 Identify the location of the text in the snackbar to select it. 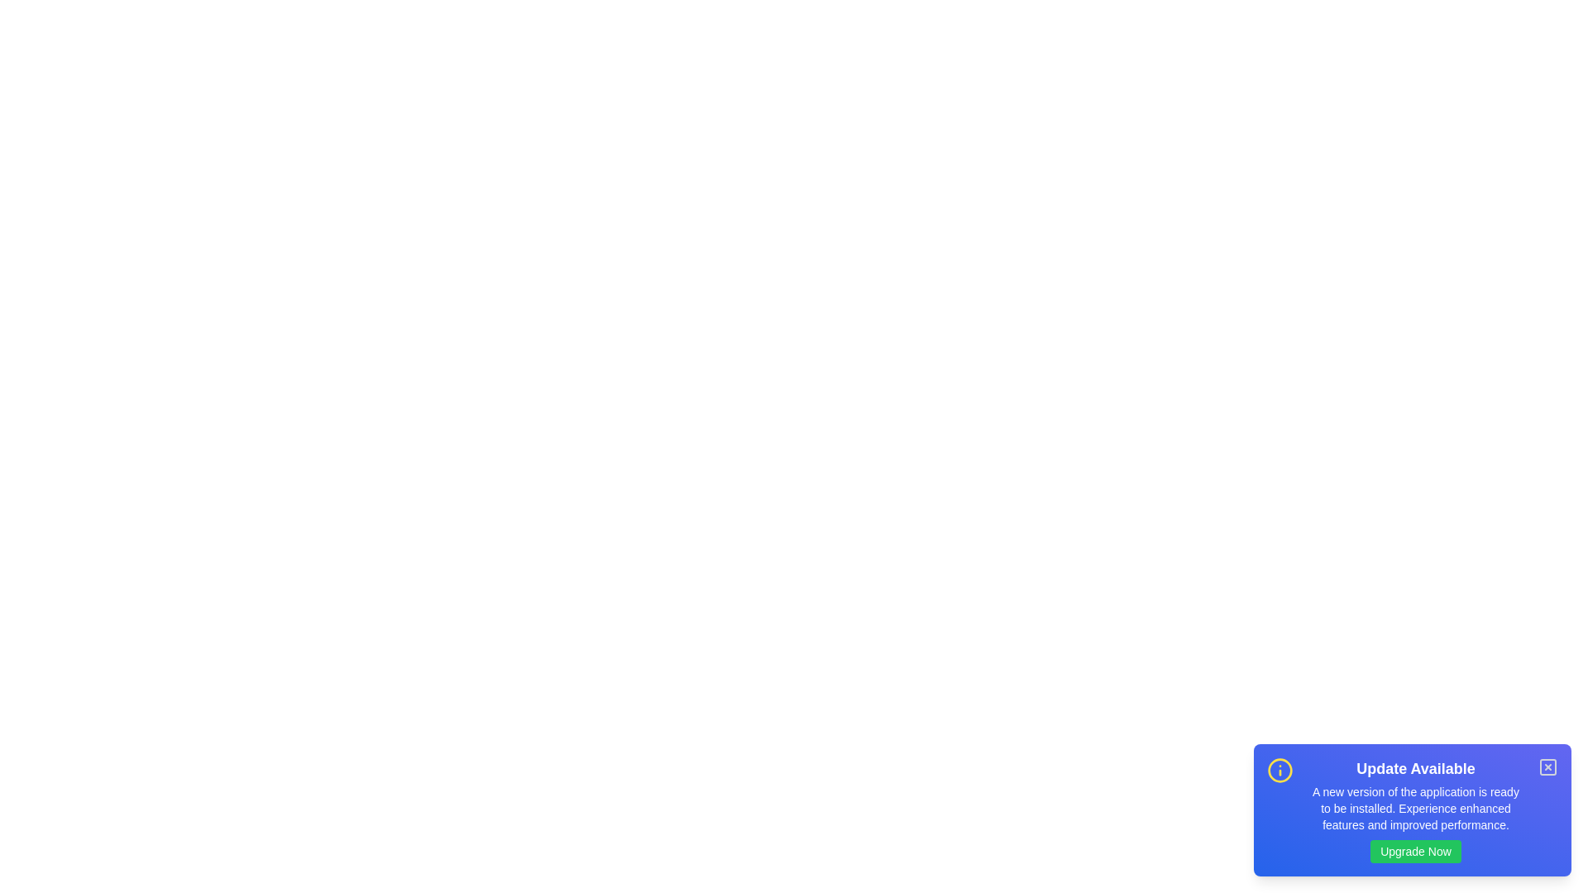
(1415, 809).